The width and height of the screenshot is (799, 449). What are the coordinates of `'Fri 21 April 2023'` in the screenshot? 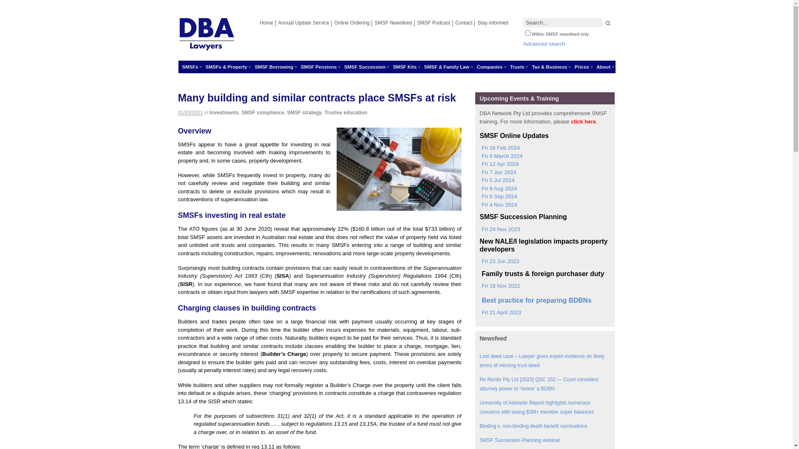 It's located at (499, 313).